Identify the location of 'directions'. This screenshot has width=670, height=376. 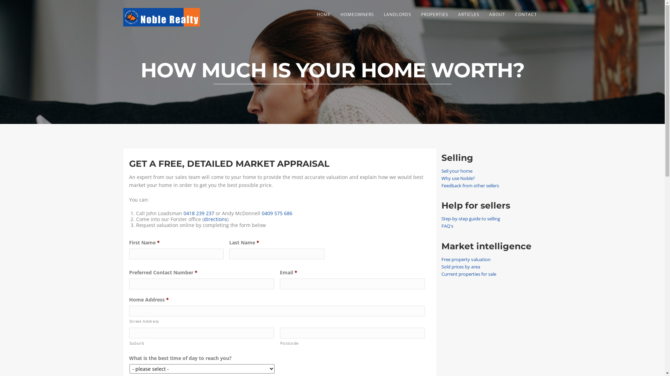
(215, 219).